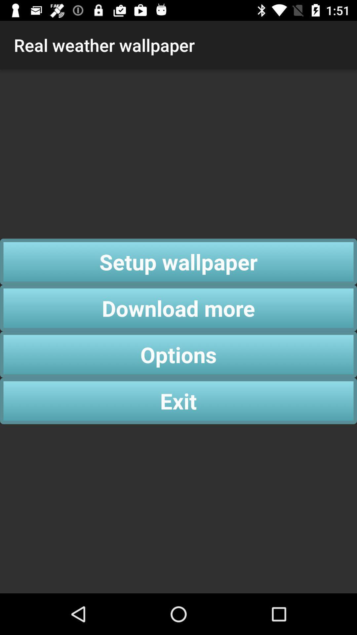  Describe the element at coordinates (178, 308) in the screenshot. I see `icon above options button` at that location.